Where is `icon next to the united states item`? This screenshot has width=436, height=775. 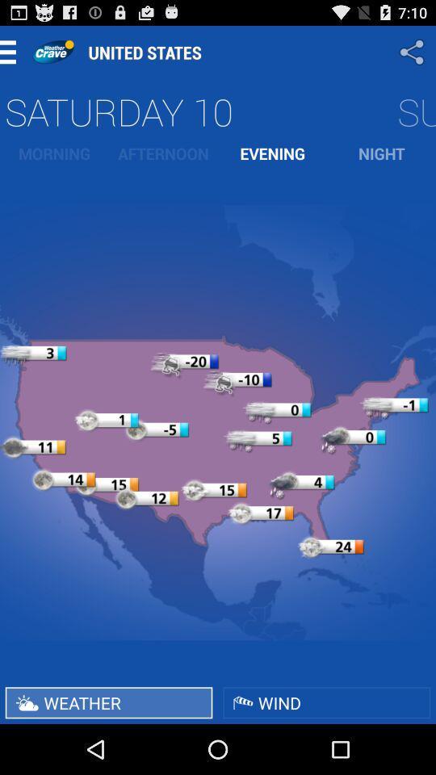
icon next to the united states item is located at coordinates (52, 52).